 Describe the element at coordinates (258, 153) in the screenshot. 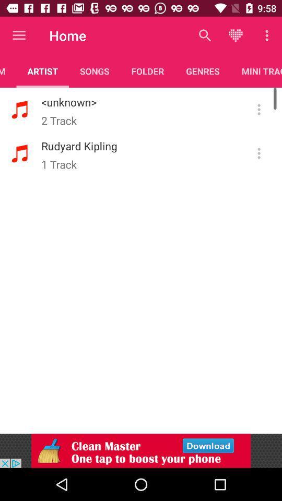

I see `click for option` at that location.